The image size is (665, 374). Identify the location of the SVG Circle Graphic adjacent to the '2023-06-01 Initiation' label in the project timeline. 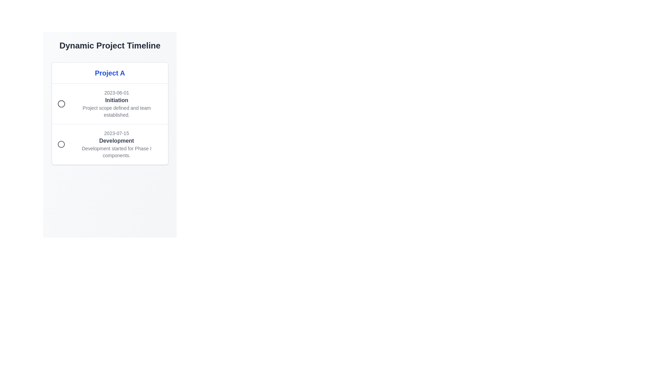
(61, 104).